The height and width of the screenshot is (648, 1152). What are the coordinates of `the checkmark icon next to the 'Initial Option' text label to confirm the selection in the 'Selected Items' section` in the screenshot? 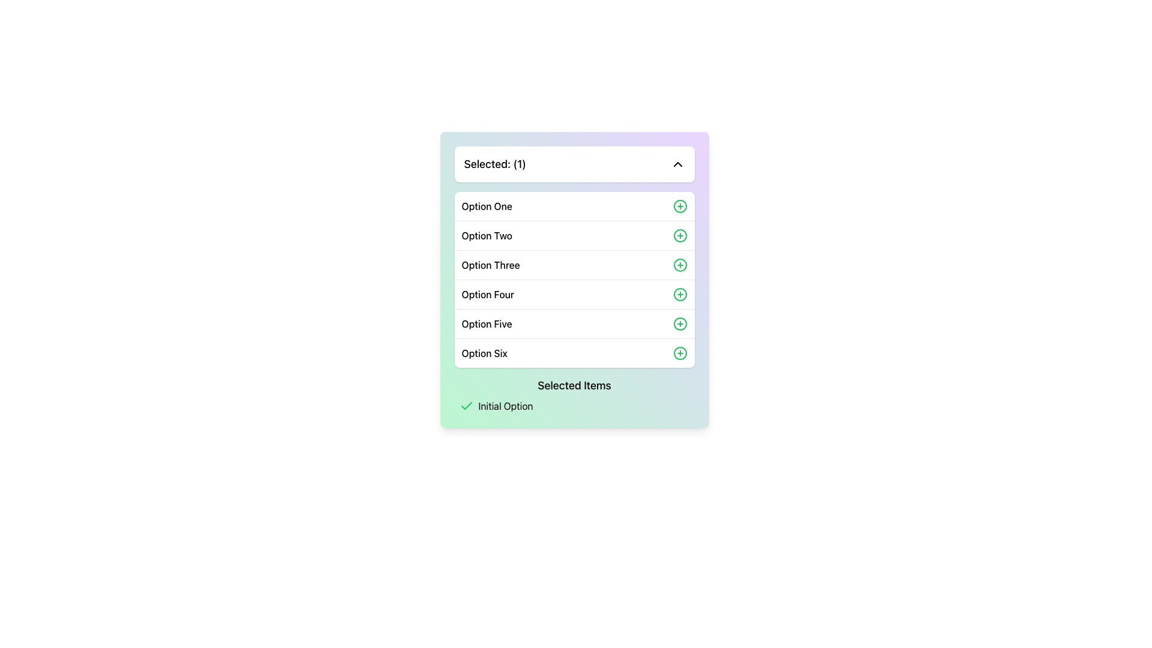 It's located at (574, 406).